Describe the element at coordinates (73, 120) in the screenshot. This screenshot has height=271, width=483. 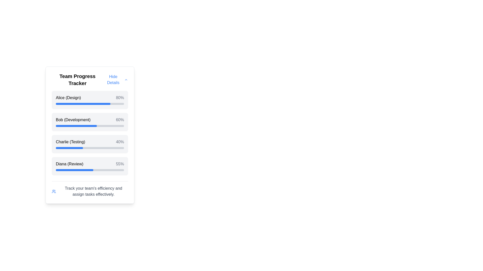
I see `the text label displaying 'Bob (Development)', which is styled prominently and positioned in the second place of the 'Team Progress Tracker' list, above 'Charlie (Testing)' and below 'Alice (Design)'` at that location.